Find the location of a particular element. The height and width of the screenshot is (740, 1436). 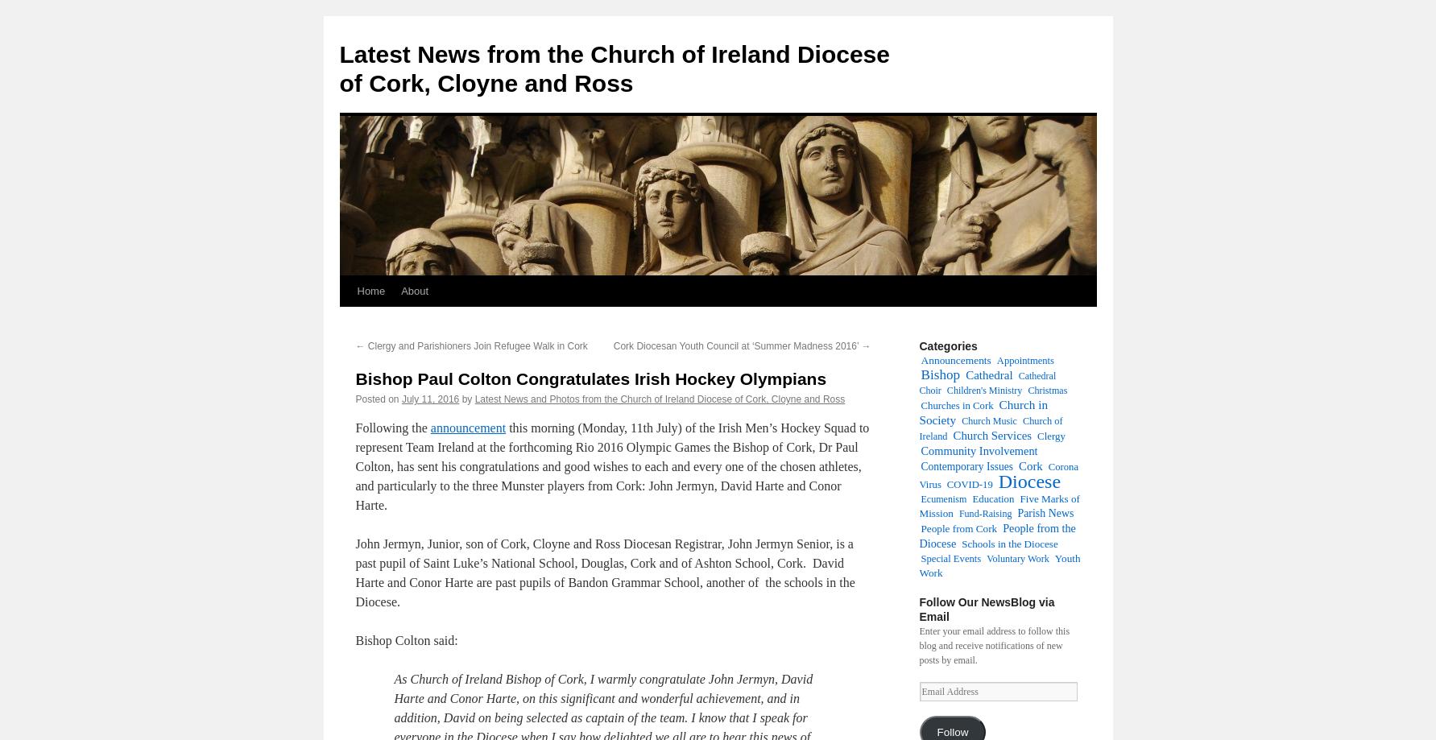

'Enter your email address to follow this blog and receive notifications of new posts by email.' is located at coordinates (994, 646).